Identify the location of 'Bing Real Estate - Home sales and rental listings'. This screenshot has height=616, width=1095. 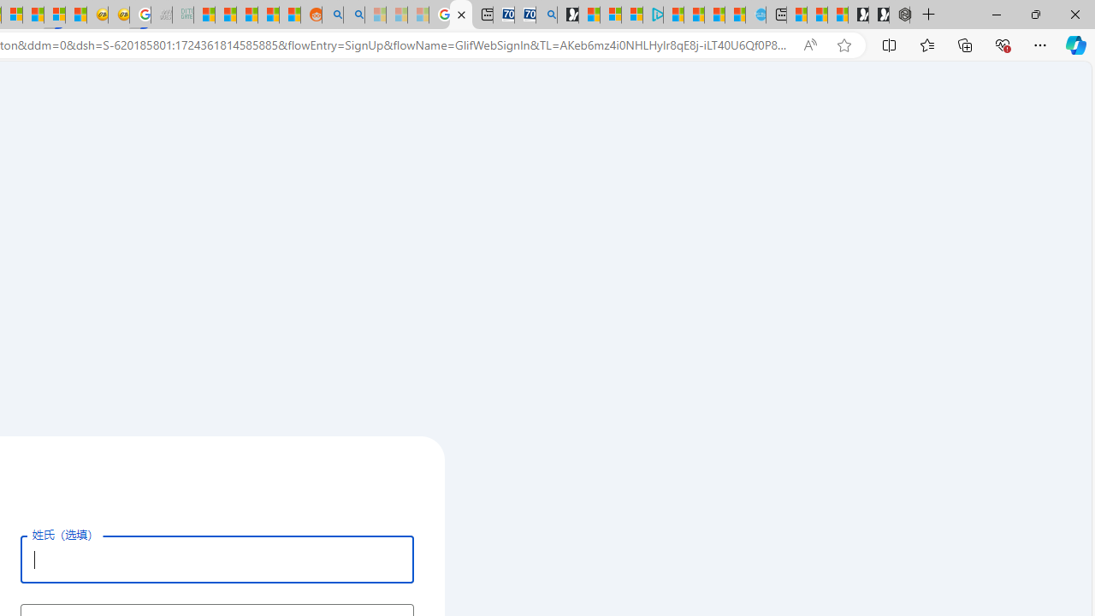
(546, 15).